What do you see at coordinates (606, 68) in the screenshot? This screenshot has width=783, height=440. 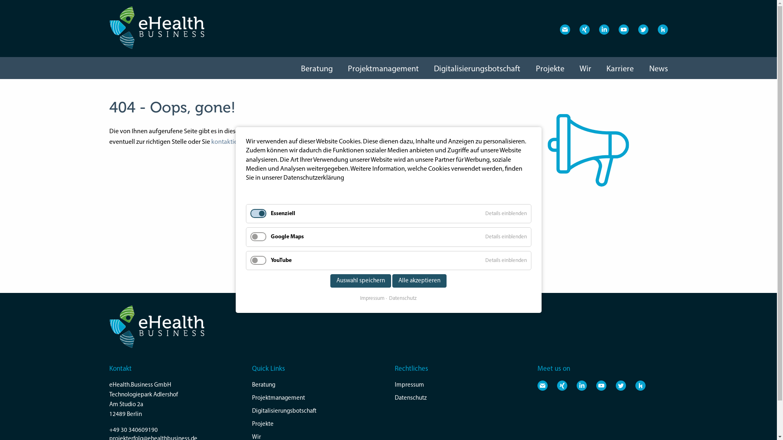 I see `'Karriere'` at bounding box center [606, 68].